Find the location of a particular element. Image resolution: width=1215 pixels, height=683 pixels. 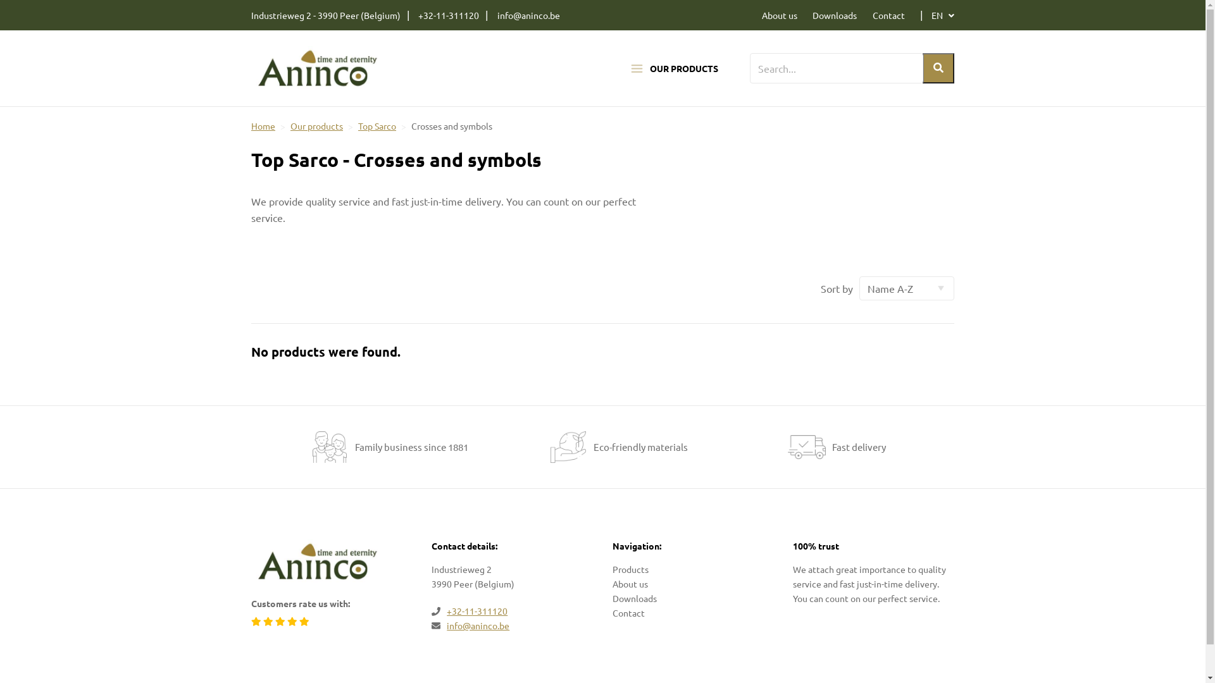

'Home' is located at coordinates (263, 126).